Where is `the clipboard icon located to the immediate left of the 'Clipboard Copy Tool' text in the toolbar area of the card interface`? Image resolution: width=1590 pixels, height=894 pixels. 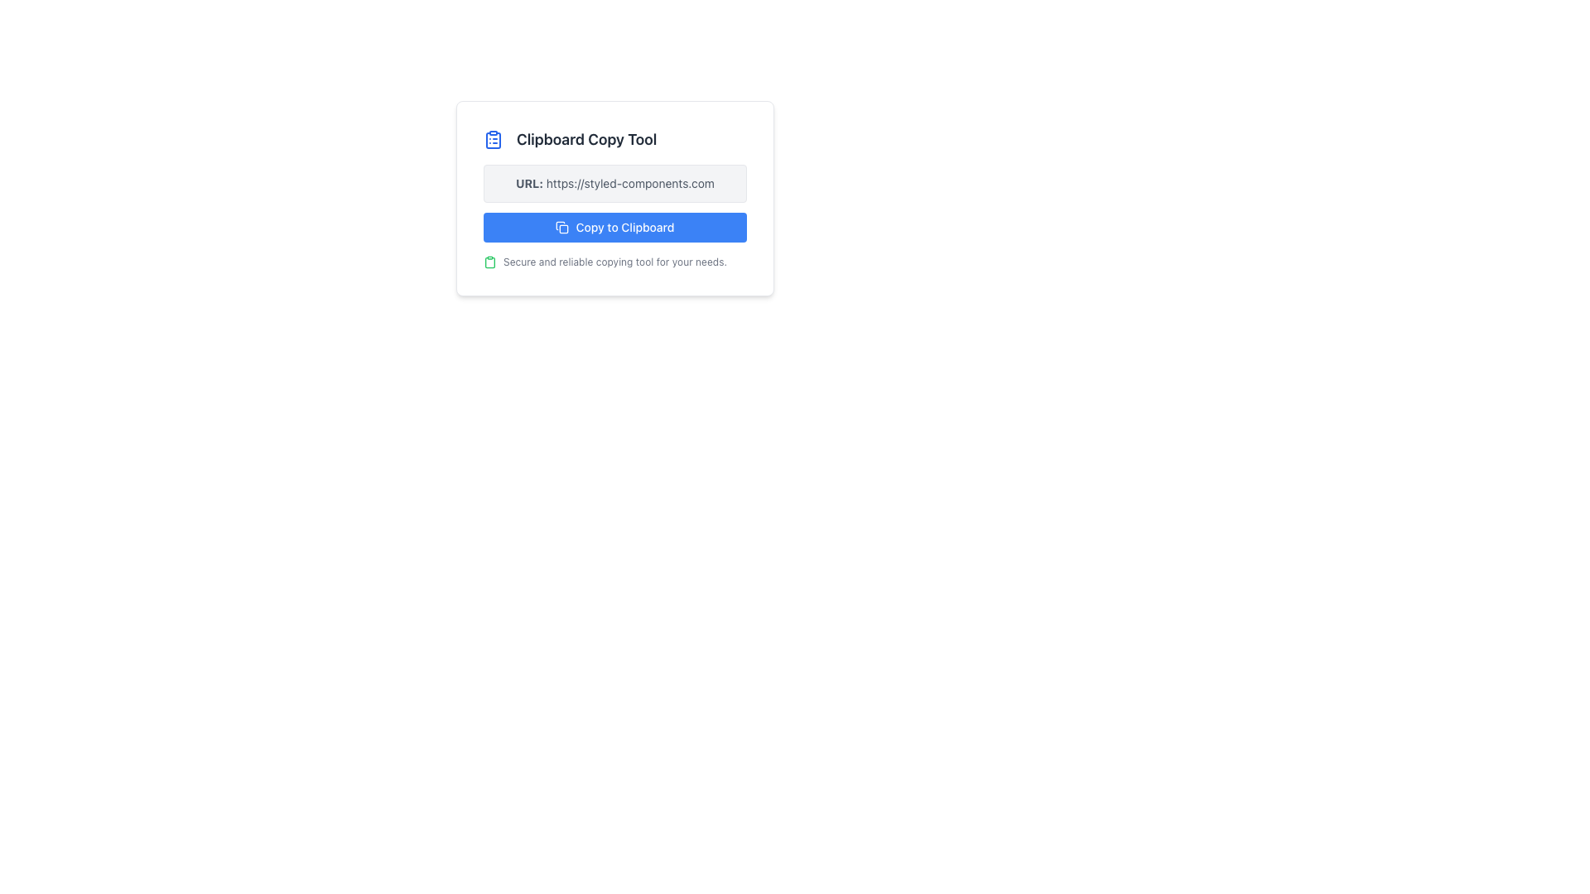 the clipboard icon located to the immediate left of the 'Clipboard Copy Tool' text in the toolbar area of the card interface is located at coordinates (492, 139).